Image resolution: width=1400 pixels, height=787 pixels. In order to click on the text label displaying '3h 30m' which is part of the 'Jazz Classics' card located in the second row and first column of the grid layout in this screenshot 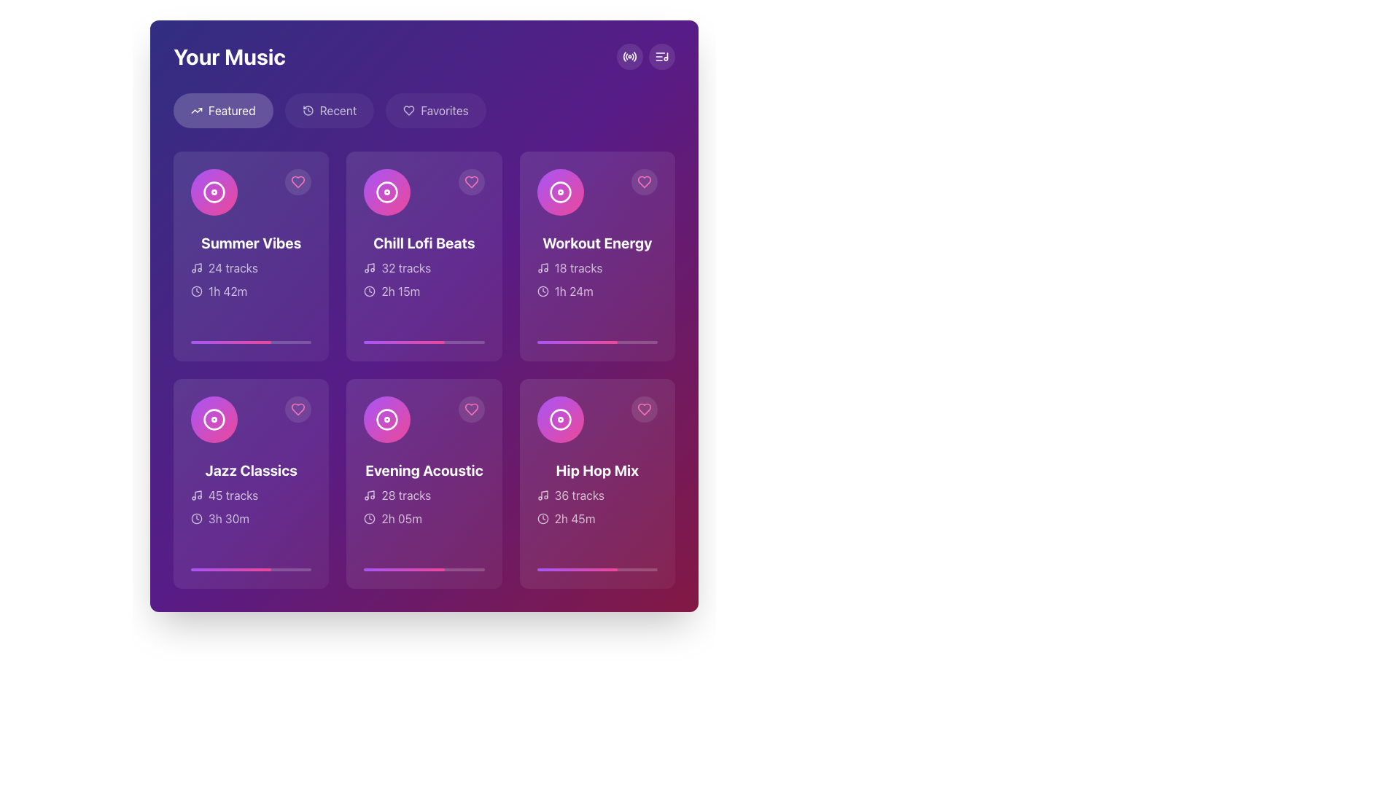, I will do `click(228, 518)`.